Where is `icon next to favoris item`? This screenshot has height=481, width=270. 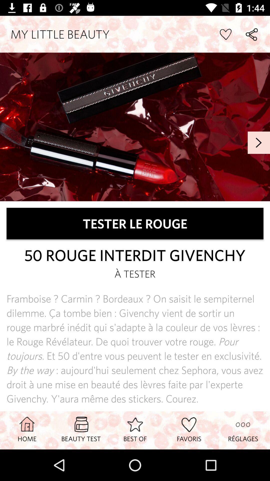 icon next to favoris item is located at coordinates (135, 430).